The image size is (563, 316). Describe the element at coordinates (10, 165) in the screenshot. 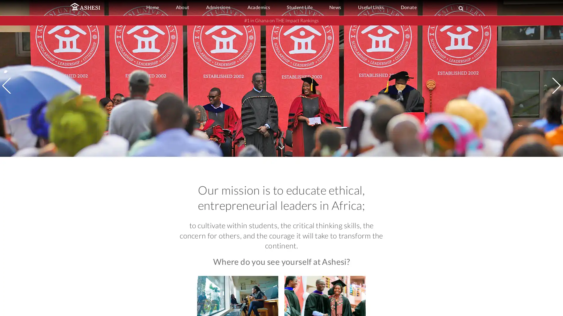

I see `Previous` at that location.